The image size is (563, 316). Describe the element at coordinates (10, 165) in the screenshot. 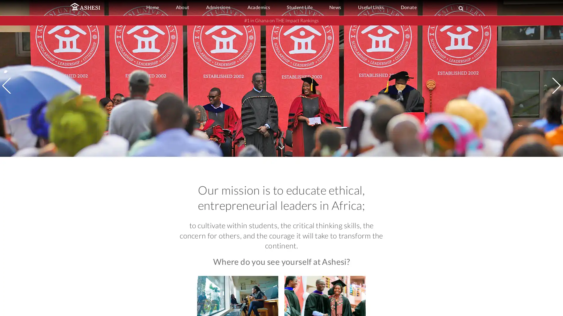

I see `Previous` at that location.